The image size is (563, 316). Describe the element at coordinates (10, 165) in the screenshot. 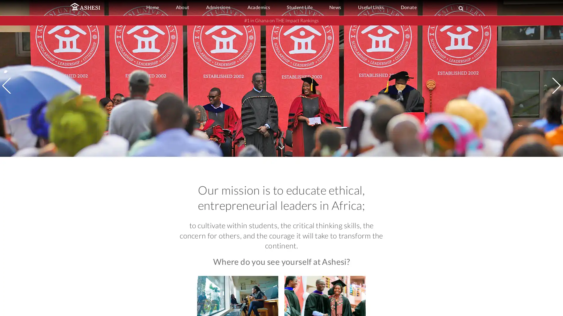

I see `Previous` at that location.